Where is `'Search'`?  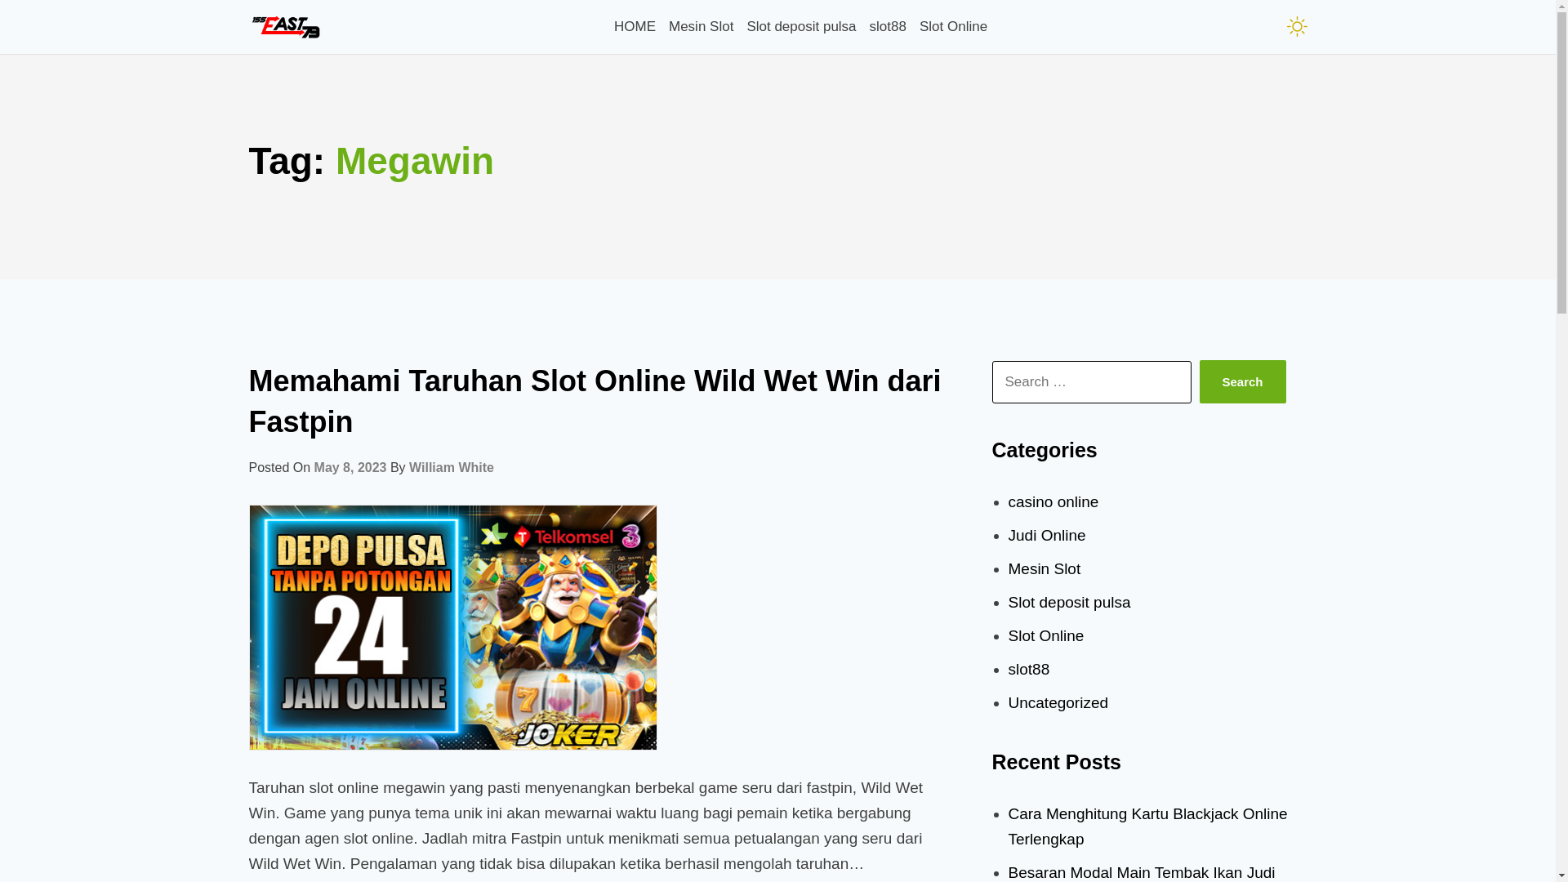 'Search' is located at coordinates (1241, 381).